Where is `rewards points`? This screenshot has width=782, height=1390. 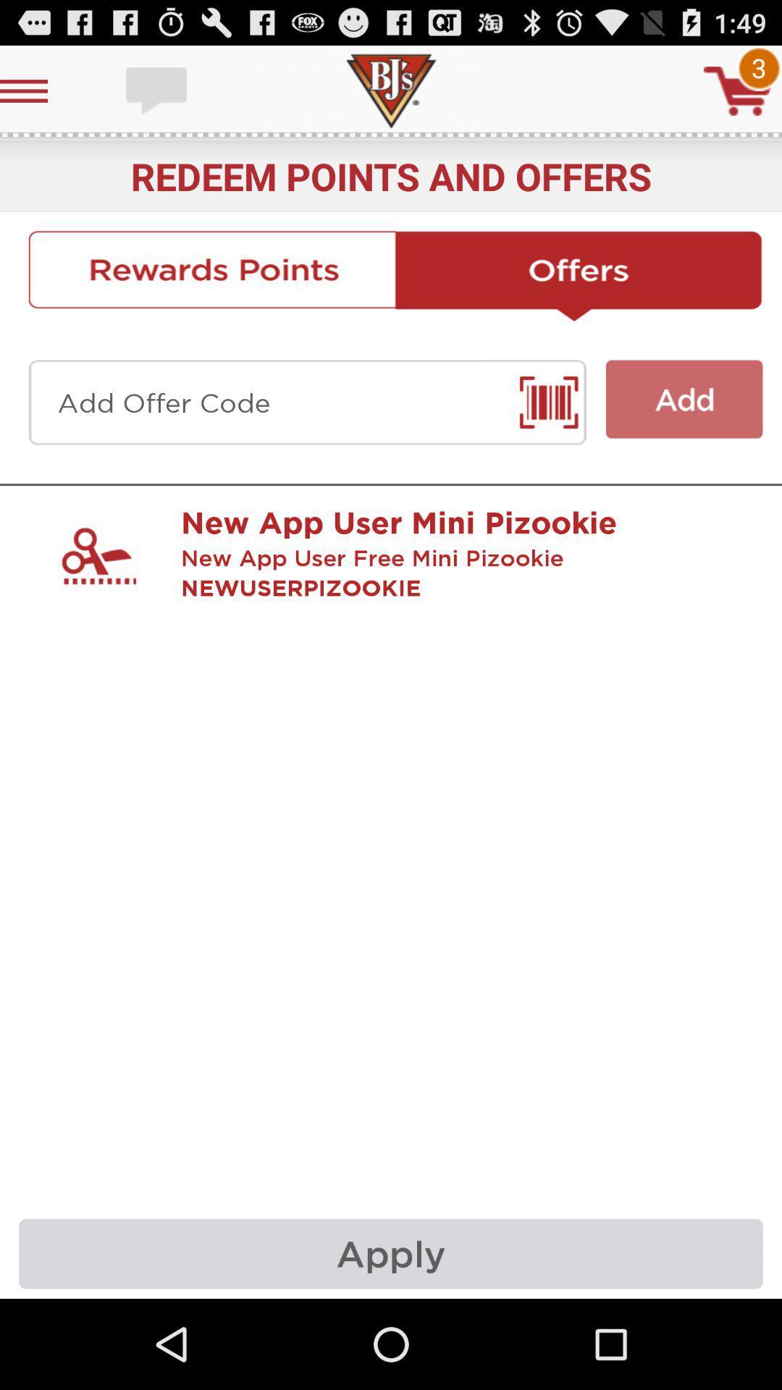 rewards points is located at coordinates (212, 276).